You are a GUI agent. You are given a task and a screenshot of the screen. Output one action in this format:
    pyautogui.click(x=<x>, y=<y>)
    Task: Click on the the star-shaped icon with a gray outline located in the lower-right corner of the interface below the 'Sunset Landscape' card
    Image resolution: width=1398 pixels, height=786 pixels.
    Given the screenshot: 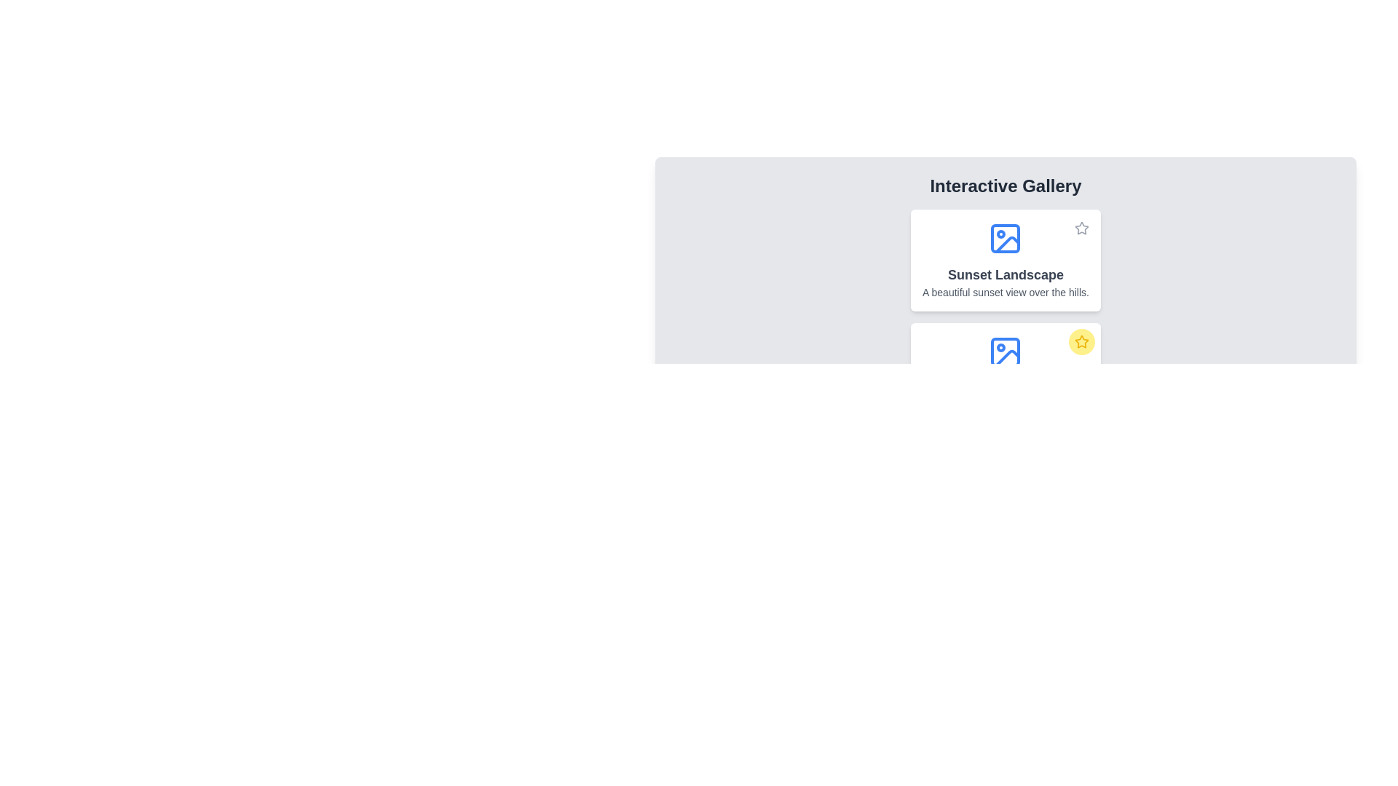 What is the action you would take?
    pyautogui.click(x=1081, y=228)
    